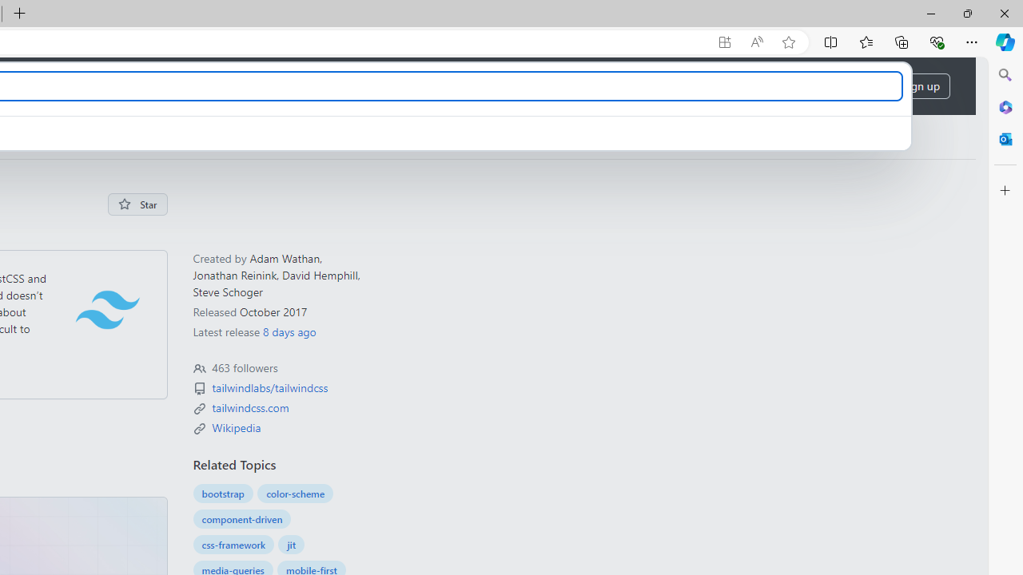  Describe the element at coordinates (296, 493) in the screenshot. I see `'color-scheme'` at that location.